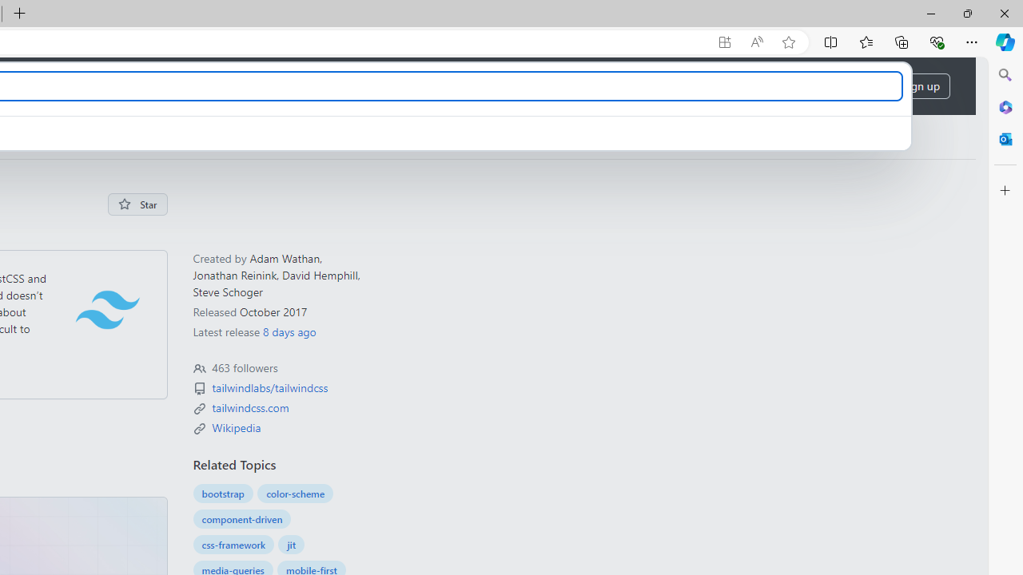  Describe the element at coordinates (296, 493) in the screenshot. I see `'color-scheme'` at that location.